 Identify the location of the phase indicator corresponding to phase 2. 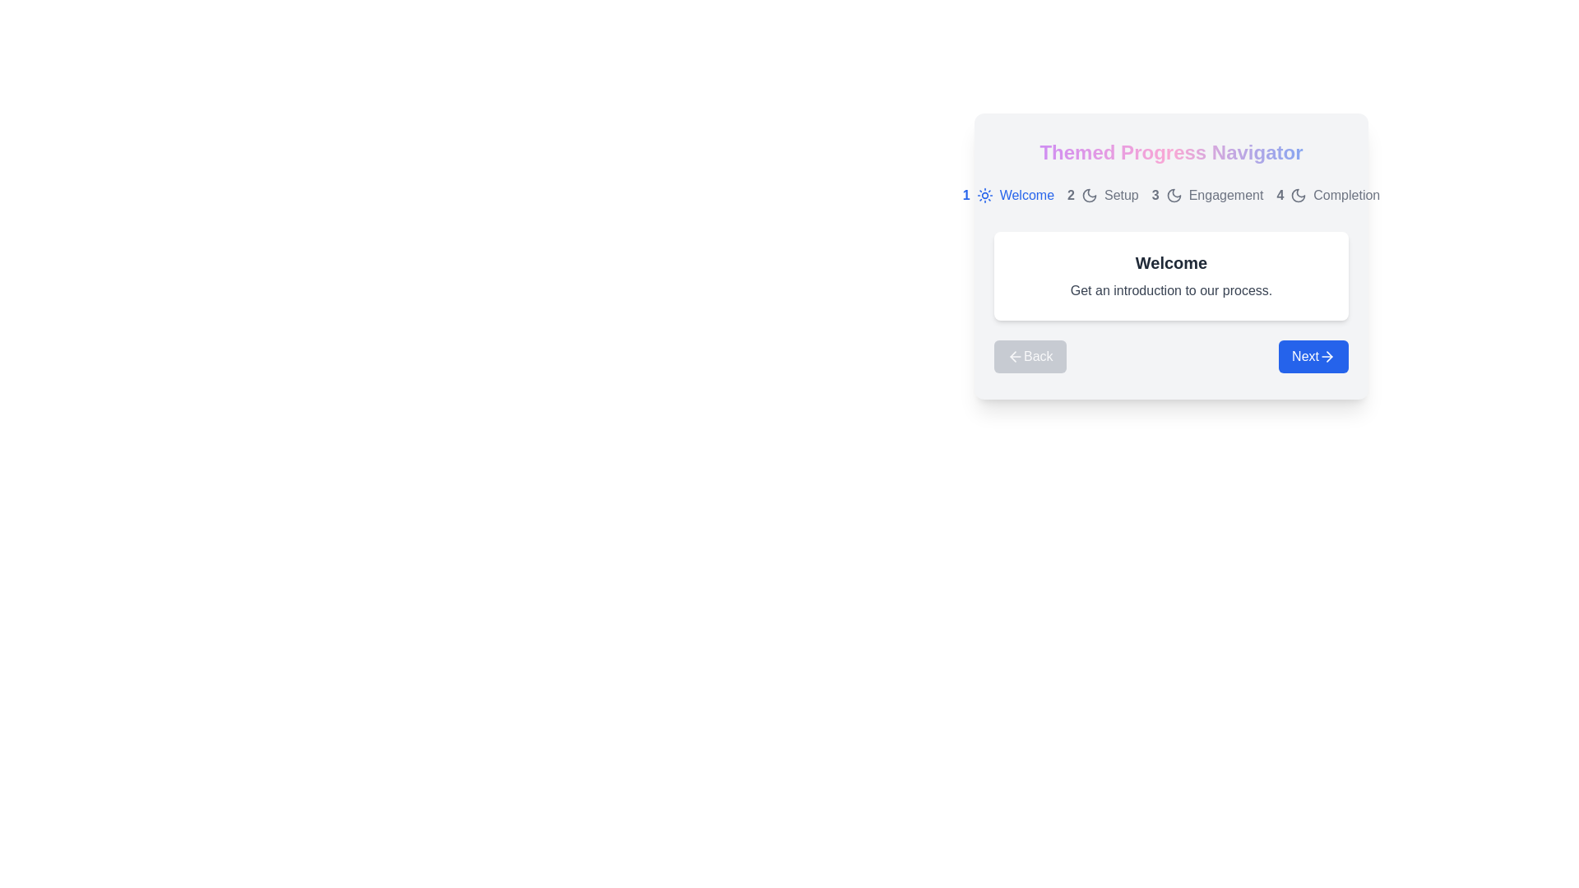
(1102, 195).